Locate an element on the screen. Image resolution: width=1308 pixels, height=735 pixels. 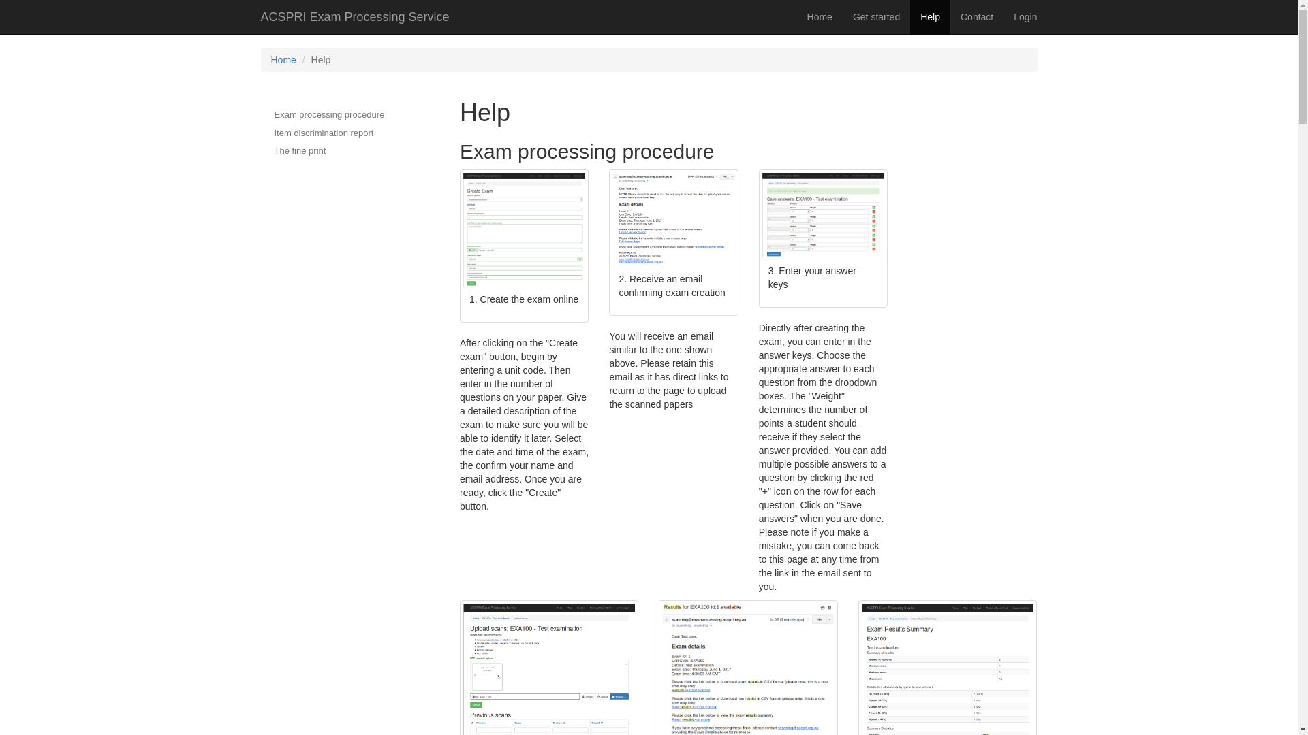
'Home' is located at coordinates (819, 16).